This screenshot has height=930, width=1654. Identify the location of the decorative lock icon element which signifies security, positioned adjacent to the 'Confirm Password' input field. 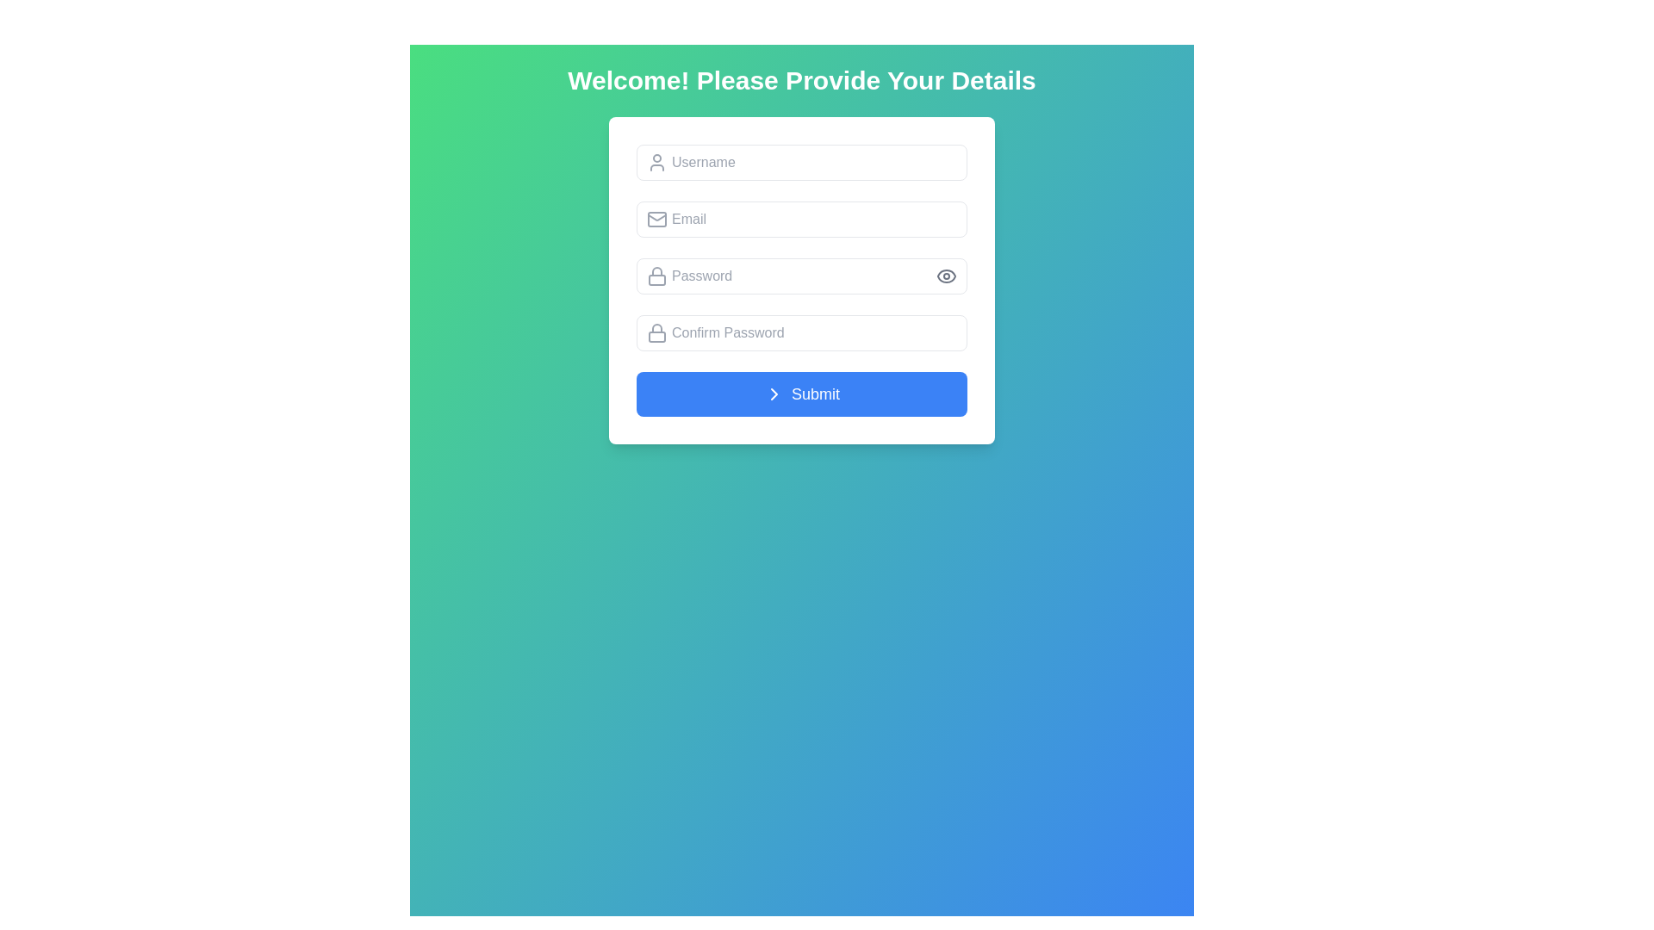
(656, 337).